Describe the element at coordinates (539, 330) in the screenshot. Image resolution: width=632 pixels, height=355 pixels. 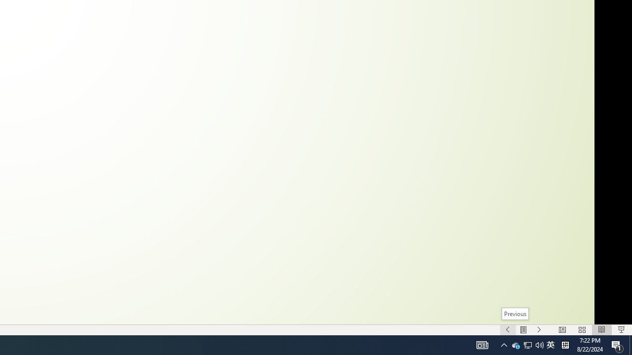
I see `'Slide Show Next On'` at that location.